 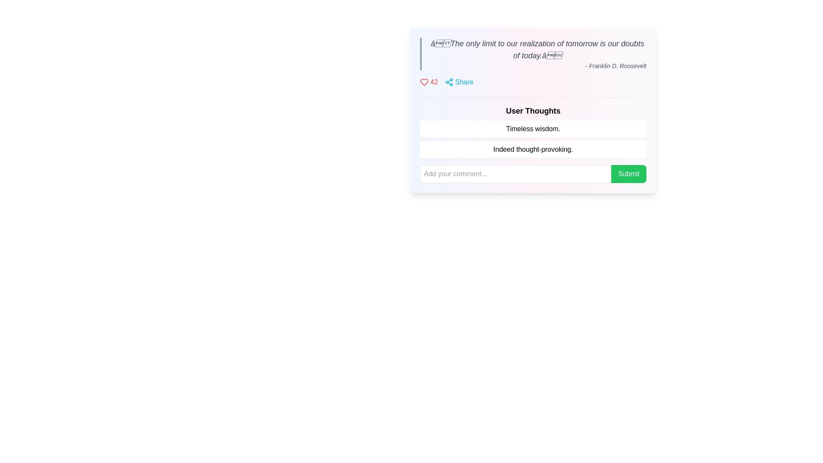 What do you see at coordinates (448, 82) in the screenshot?
I see `the SVG share icon located` at bounding box center [448, 82].